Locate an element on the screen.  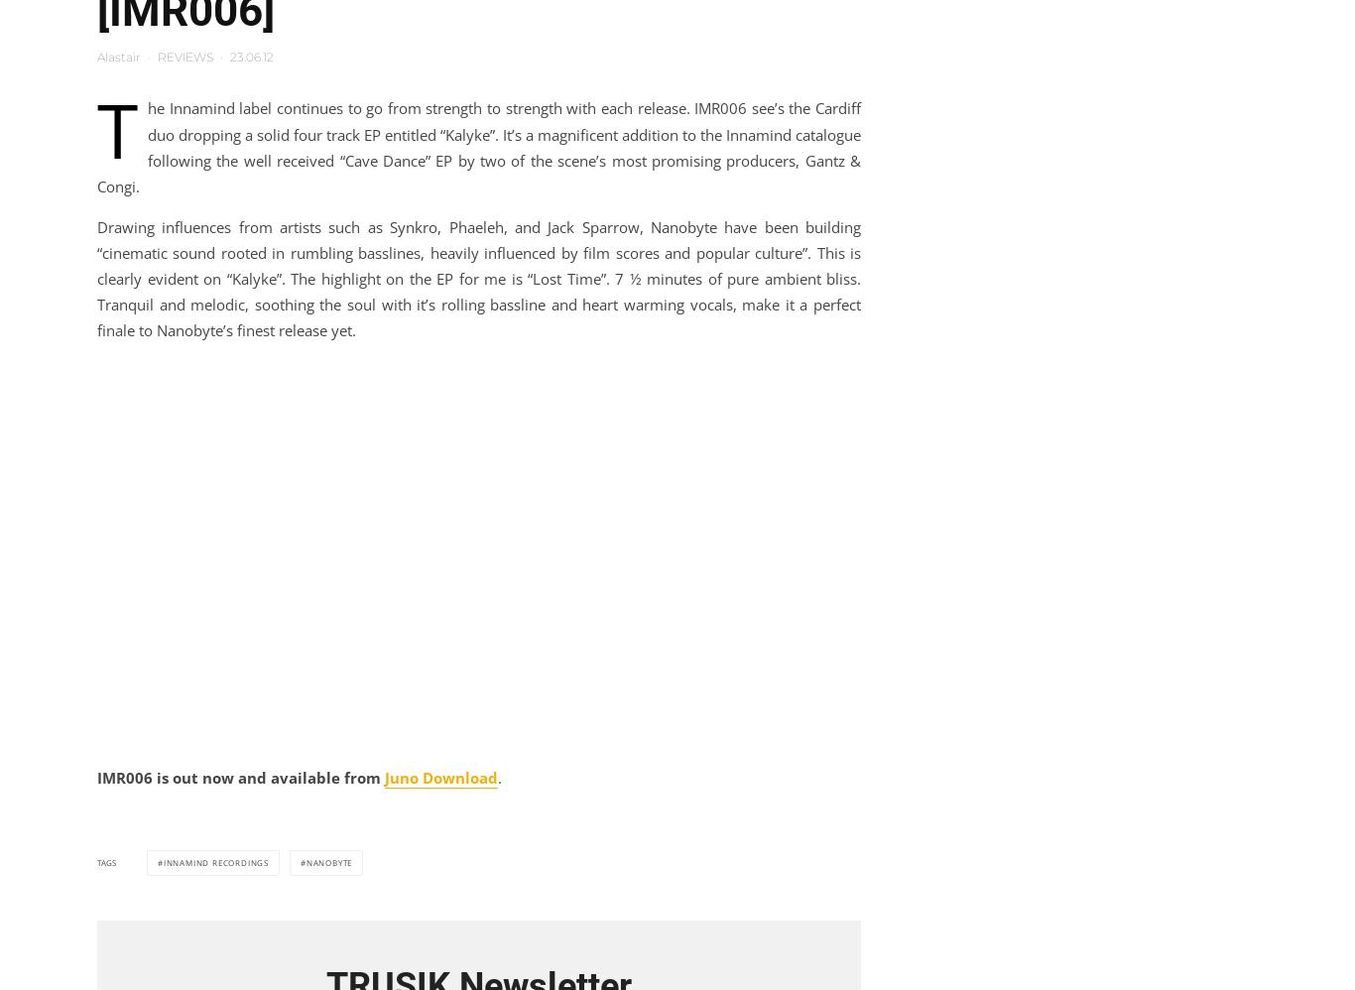
'23.06.12' is located at coordinates (251, 55).